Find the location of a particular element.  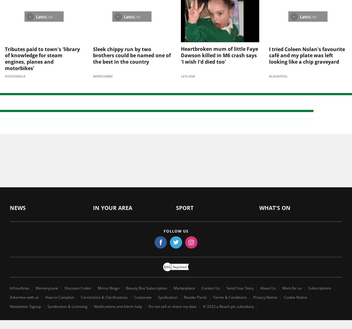

'Morecambe' is located at coordinates (103, 65).